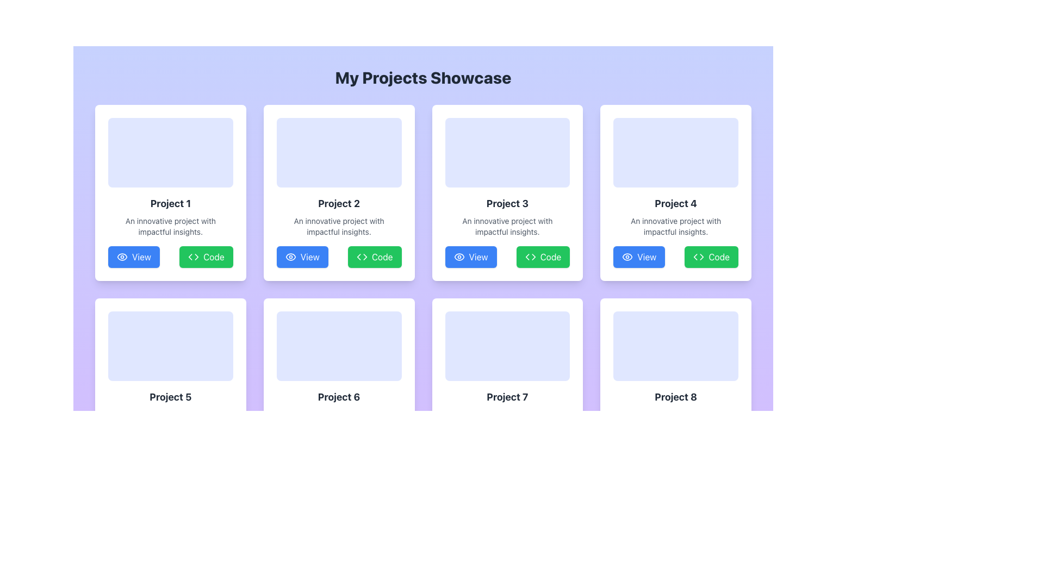  I want to click on the button located to the right of the 'View' button within the Project 1 card, so click(206, 257).